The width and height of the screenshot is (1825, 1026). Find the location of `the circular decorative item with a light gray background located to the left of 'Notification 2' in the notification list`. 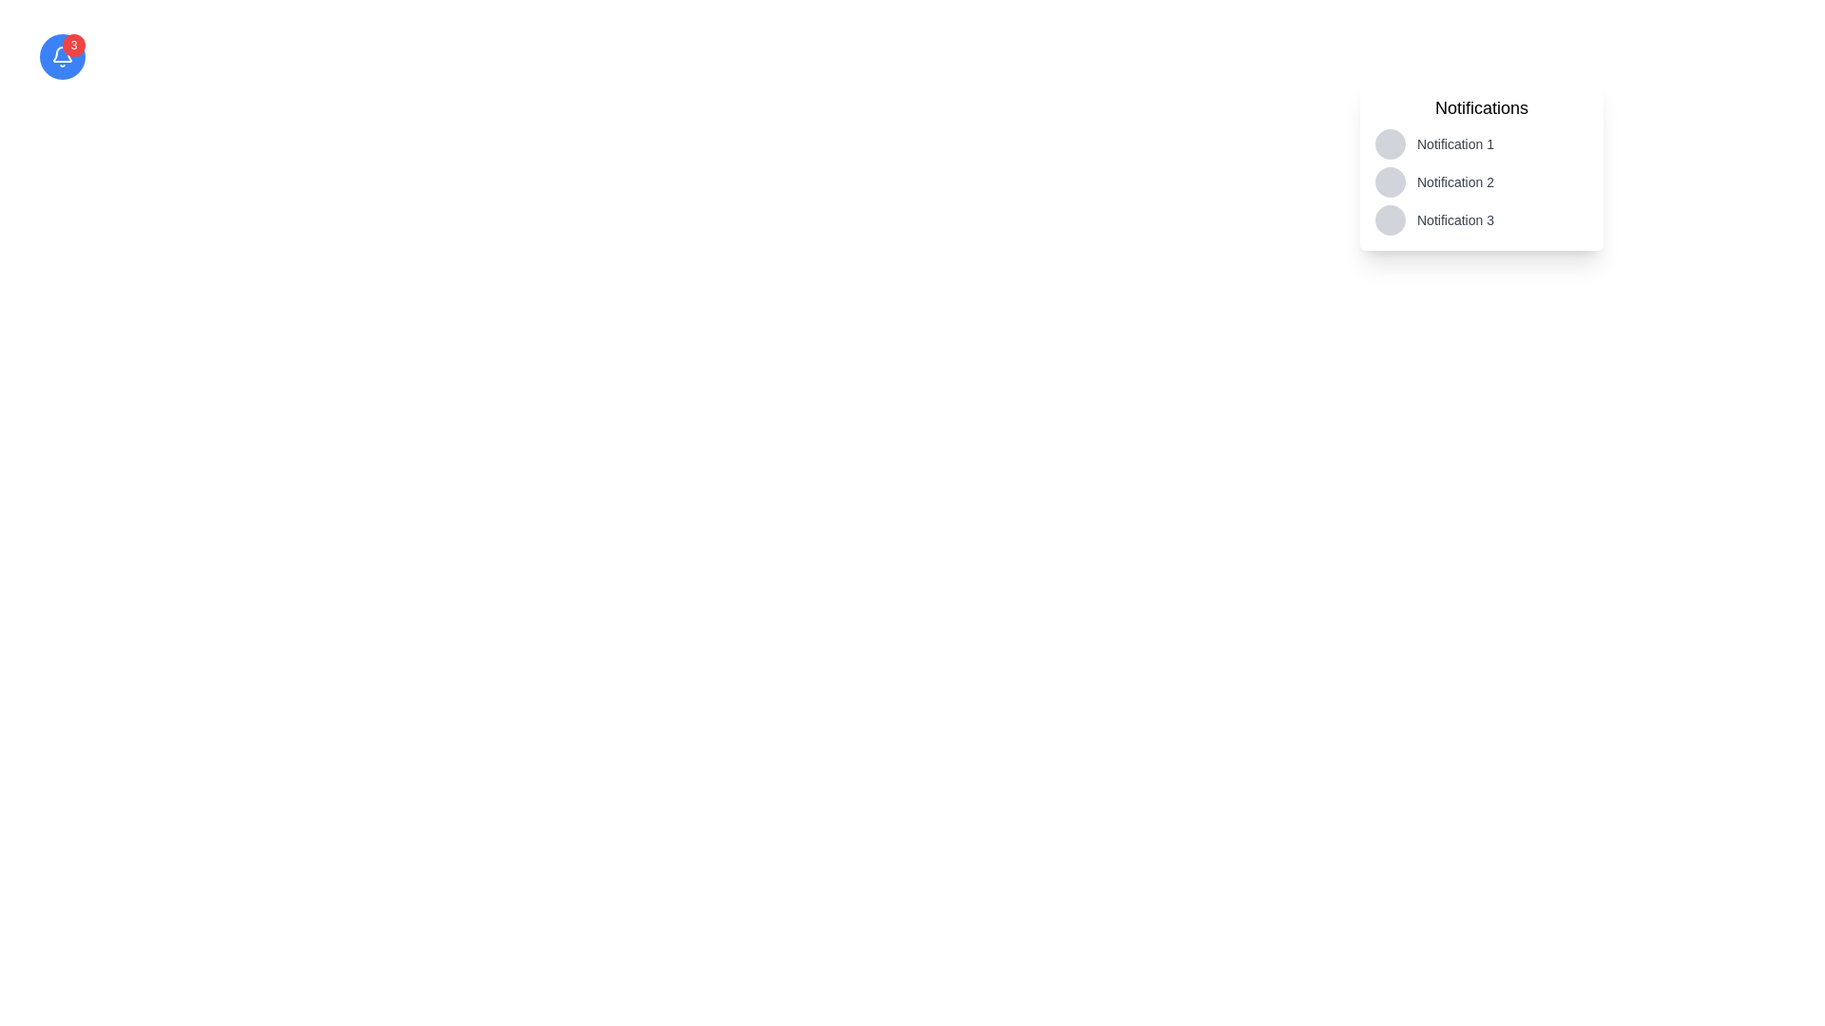

the circular decorative item with a light gray background located to the left of 'Notification 2' in the notification list is located at coordinates (1391, 182).